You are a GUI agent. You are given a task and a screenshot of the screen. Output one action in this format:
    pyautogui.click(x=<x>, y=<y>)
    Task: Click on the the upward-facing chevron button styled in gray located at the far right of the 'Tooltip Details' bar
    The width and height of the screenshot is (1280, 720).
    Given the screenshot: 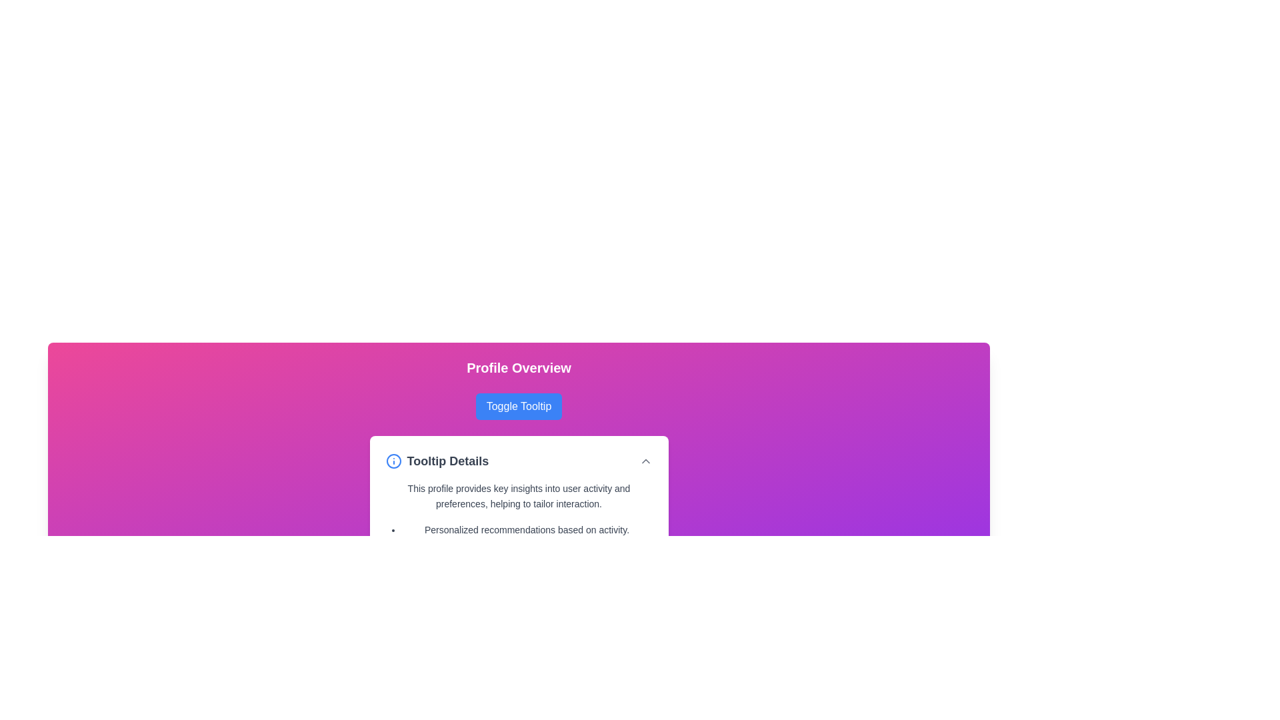 What is the action you would take?
    pyautogui.click(x=645, y=460)
    